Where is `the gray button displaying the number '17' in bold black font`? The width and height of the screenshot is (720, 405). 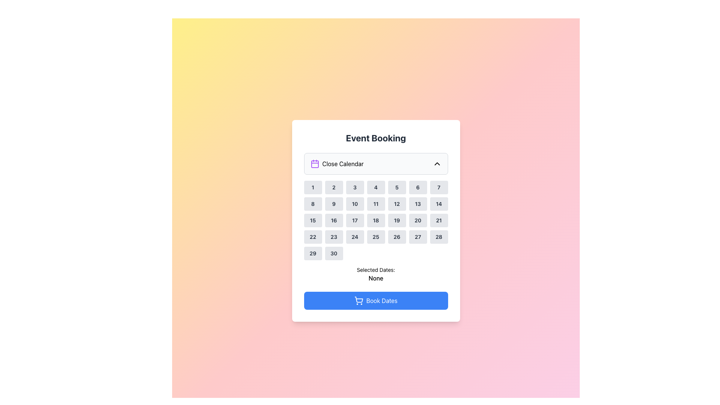 the gray button displaying the number '17' in bold black font is located at coordinates (354, 220).